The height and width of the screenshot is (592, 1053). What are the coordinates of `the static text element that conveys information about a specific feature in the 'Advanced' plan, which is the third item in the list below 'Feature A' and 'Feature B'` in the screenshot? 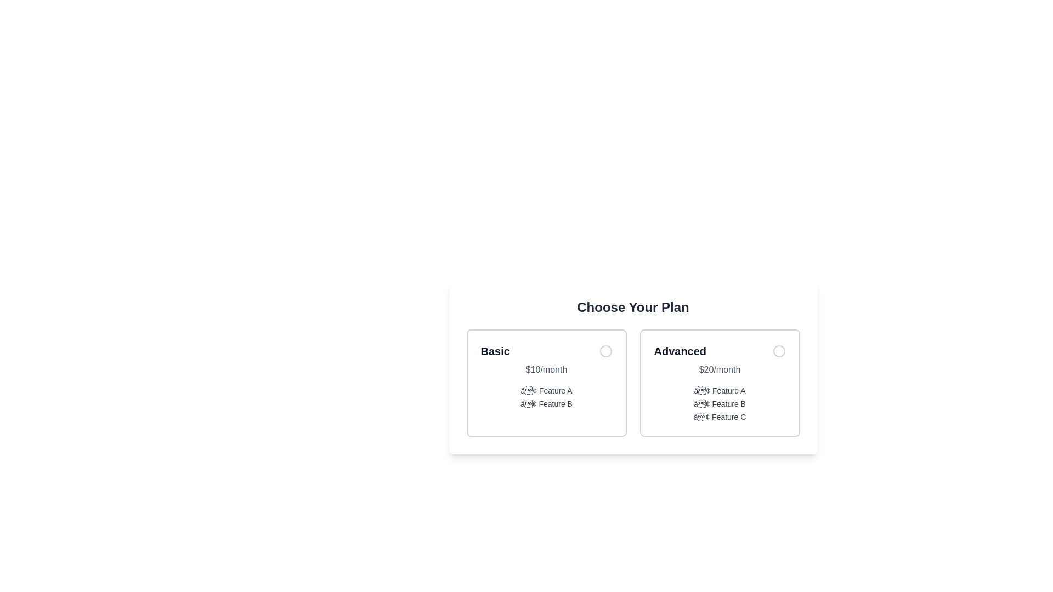 It's located at (720, 417).